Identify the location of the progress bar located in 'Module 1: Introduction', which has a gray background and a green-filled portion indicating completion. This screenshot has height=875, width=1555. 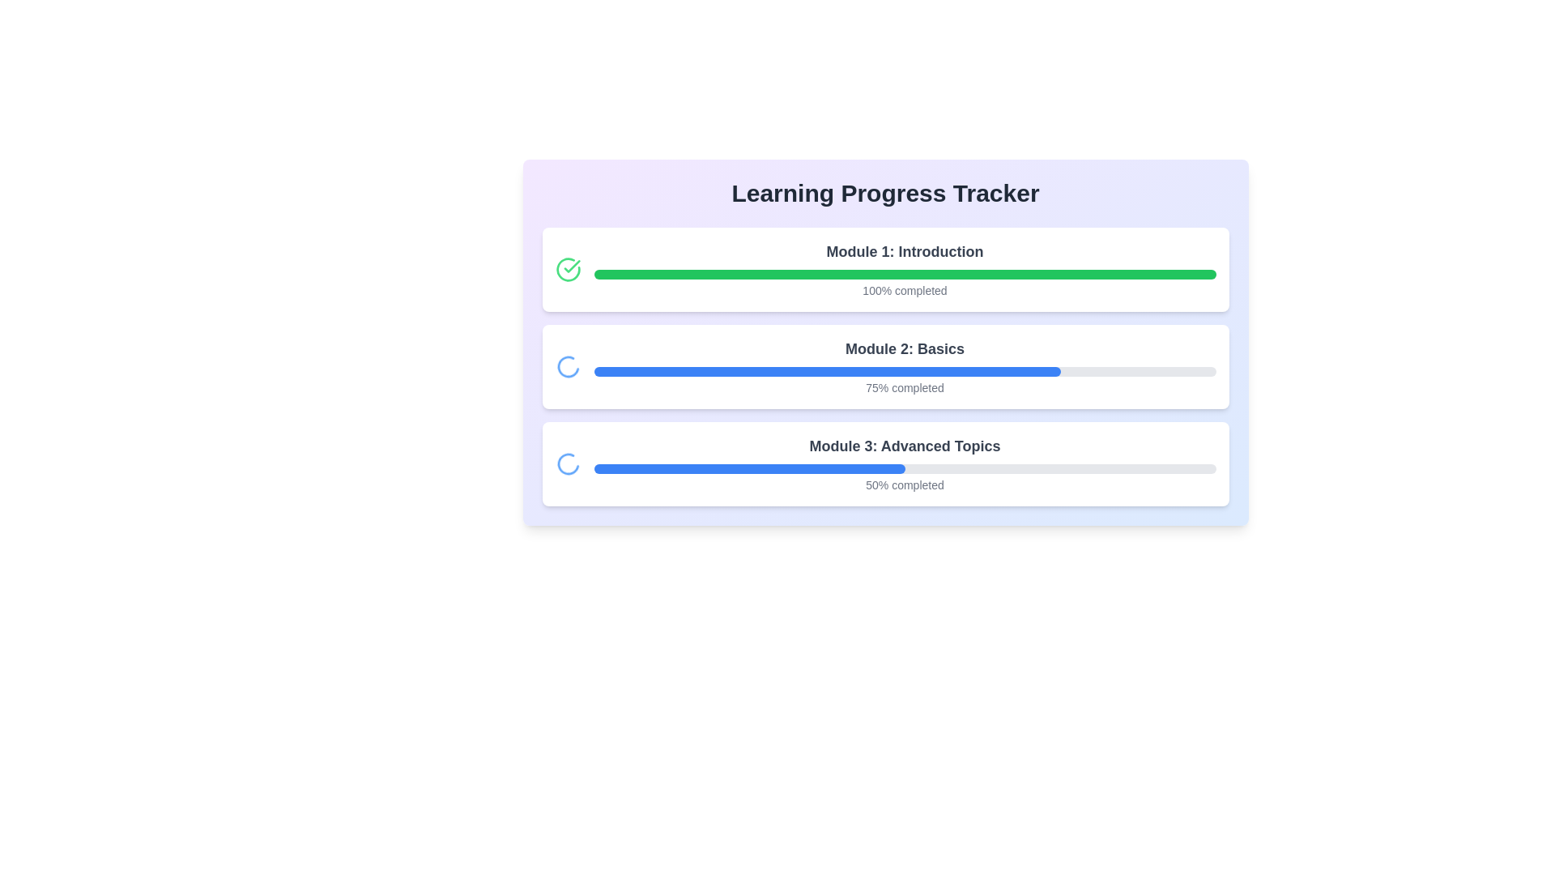
(904, 274).